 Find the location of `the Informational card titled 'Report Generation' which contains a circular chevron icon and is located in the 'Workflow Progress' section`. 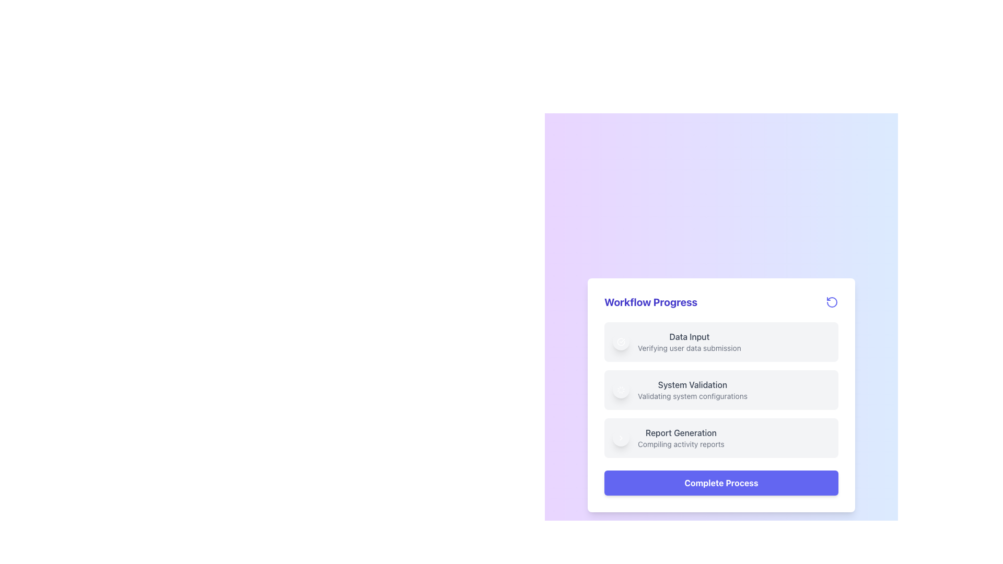

the Informational card titled 'Report Generation' which contains a circular chevron icon and is located in the 'Workflow Progress' section is located at coordinates (721, 438).